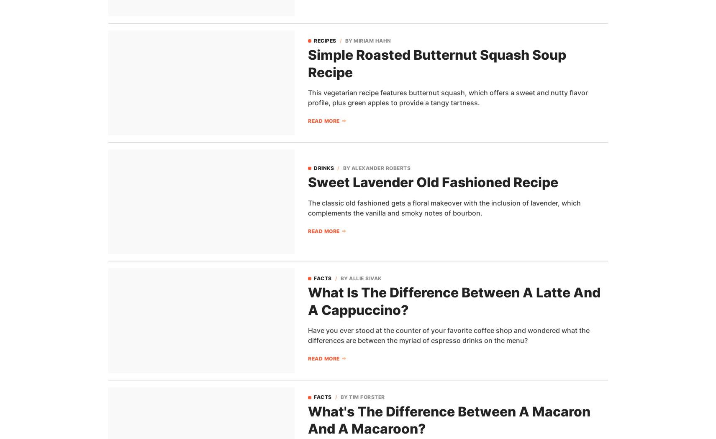 This screenshot has width=716, height=439. I want to click on 'What's The Difference Between A Macaron And A Macaroon?', so click(308, 420).